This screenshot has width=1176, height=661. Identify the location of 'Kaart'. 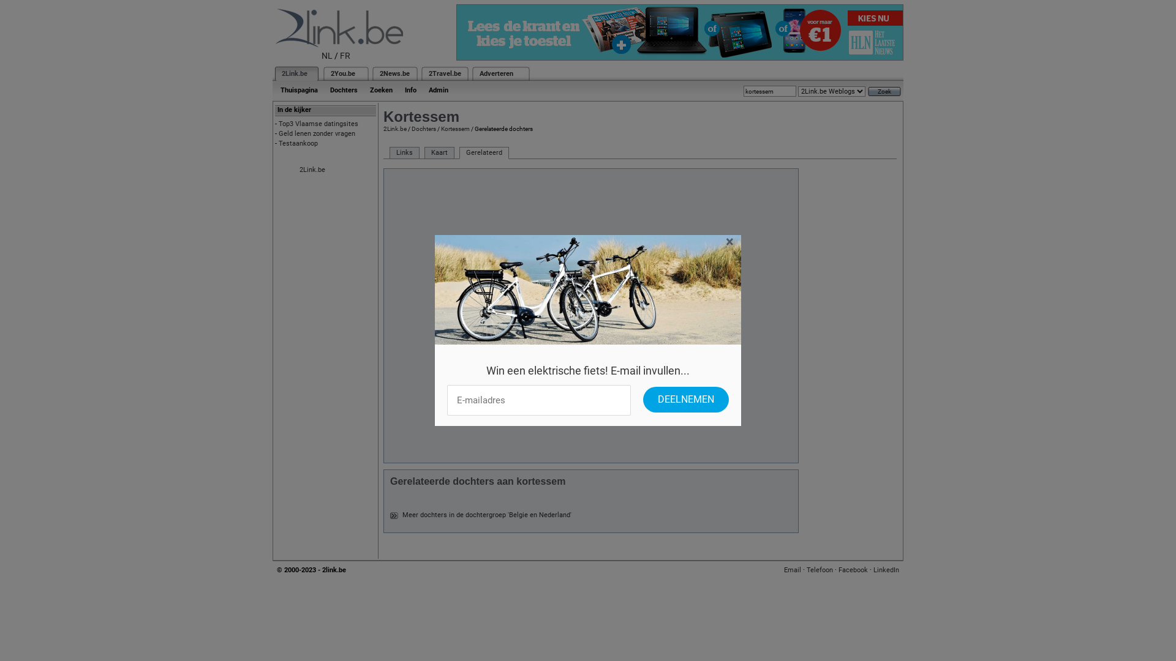
(439, 152).